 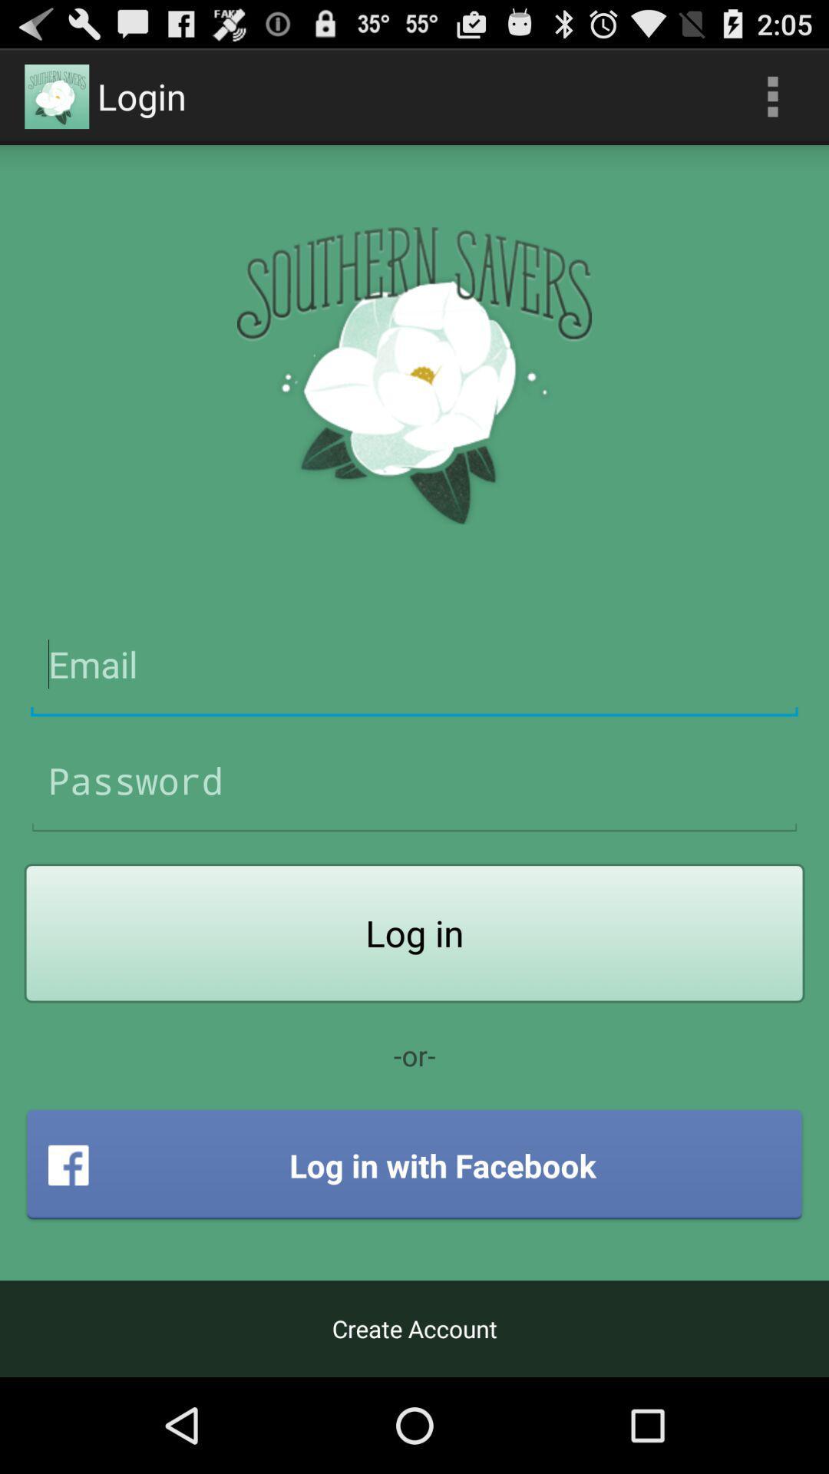 I want to click on app i.d, so click(x=414, y=665).